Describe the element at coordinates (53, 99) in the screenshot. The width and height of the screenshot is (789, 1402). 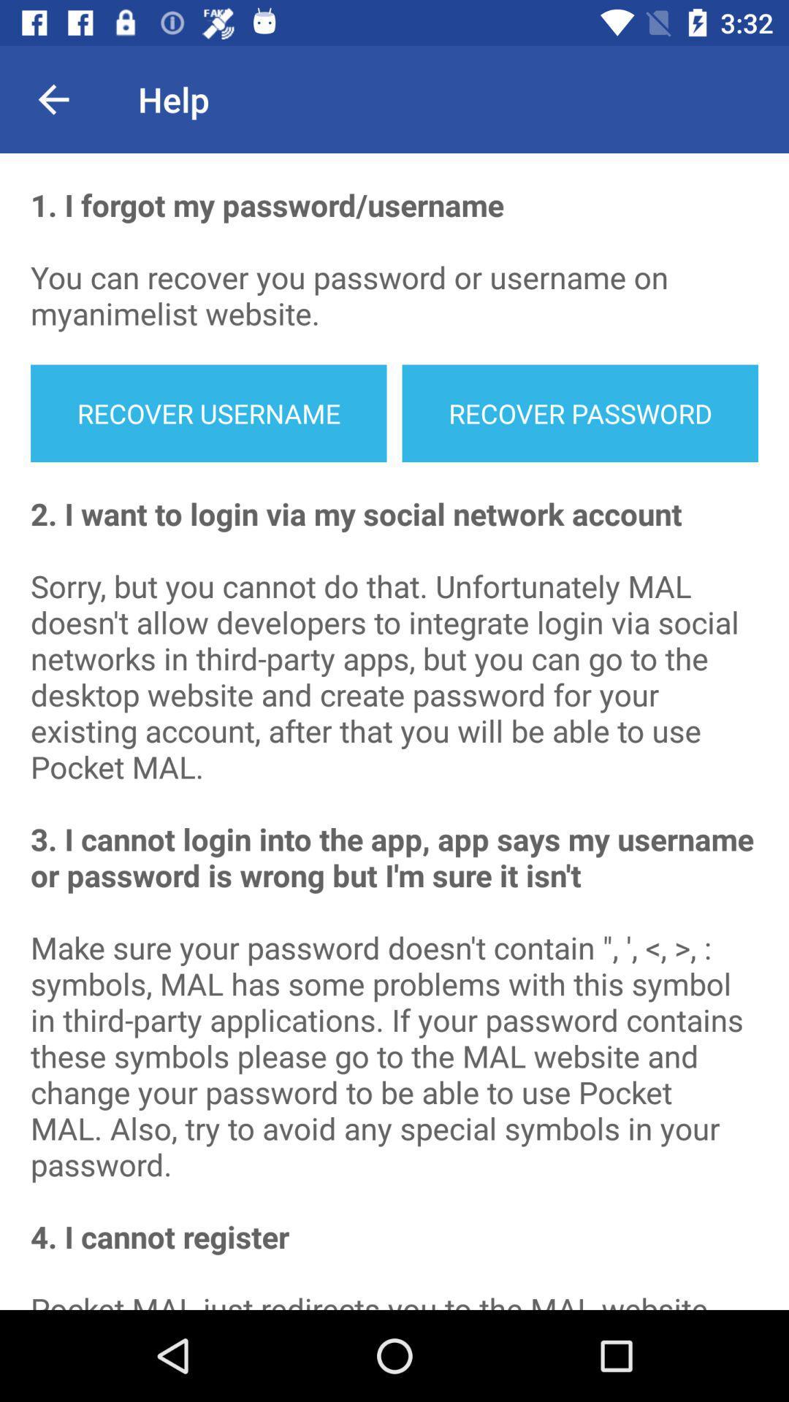
I see `item above the 1 i forgot item` at that location.